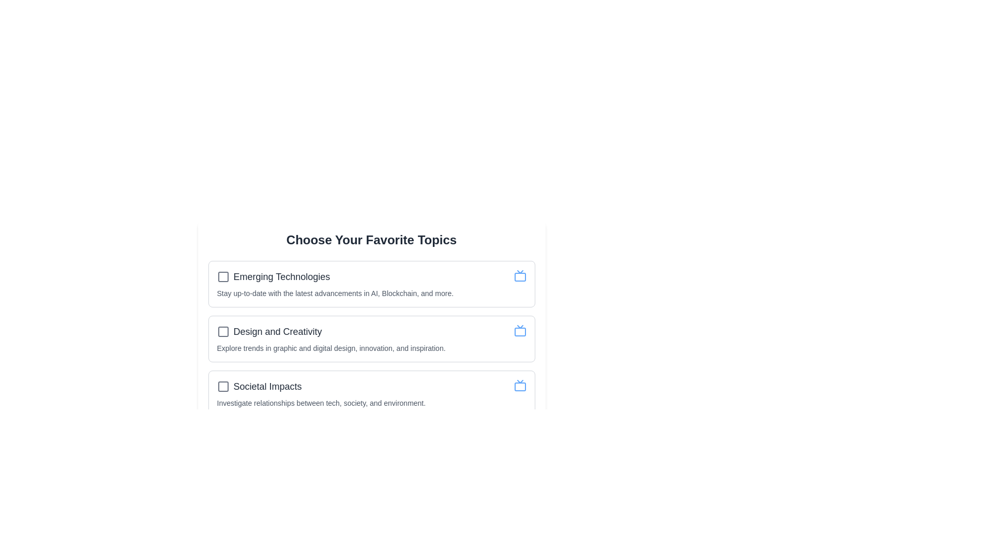 The image size is (993, 559). Describe the element at coordinates (222, 387) in the screenshot. I see `the unchecked checkbox icon for the 'Societal Impacts' topic, which is a small square with rounded corners, styled with a border and no fill` at that location.